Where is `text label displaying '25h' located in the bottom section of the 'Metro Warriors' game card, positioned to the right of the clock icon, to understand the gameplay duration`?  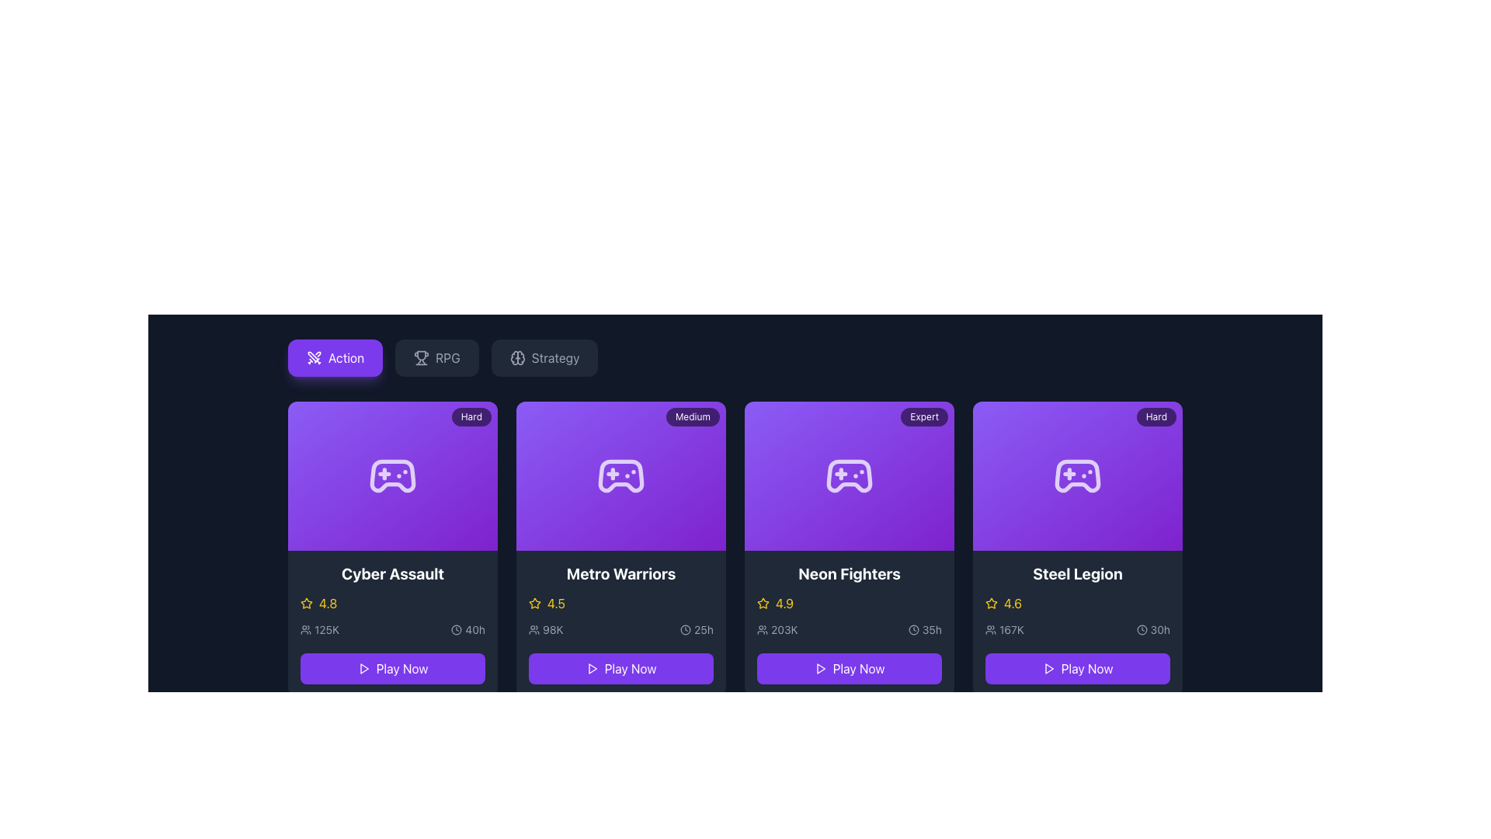
text label displaying '25h' located in the bottom section of the 'Metro Warriors' game card, positioned to the right of the clock icon, to understand the gameplay duration is located at coordinates (703, 629).